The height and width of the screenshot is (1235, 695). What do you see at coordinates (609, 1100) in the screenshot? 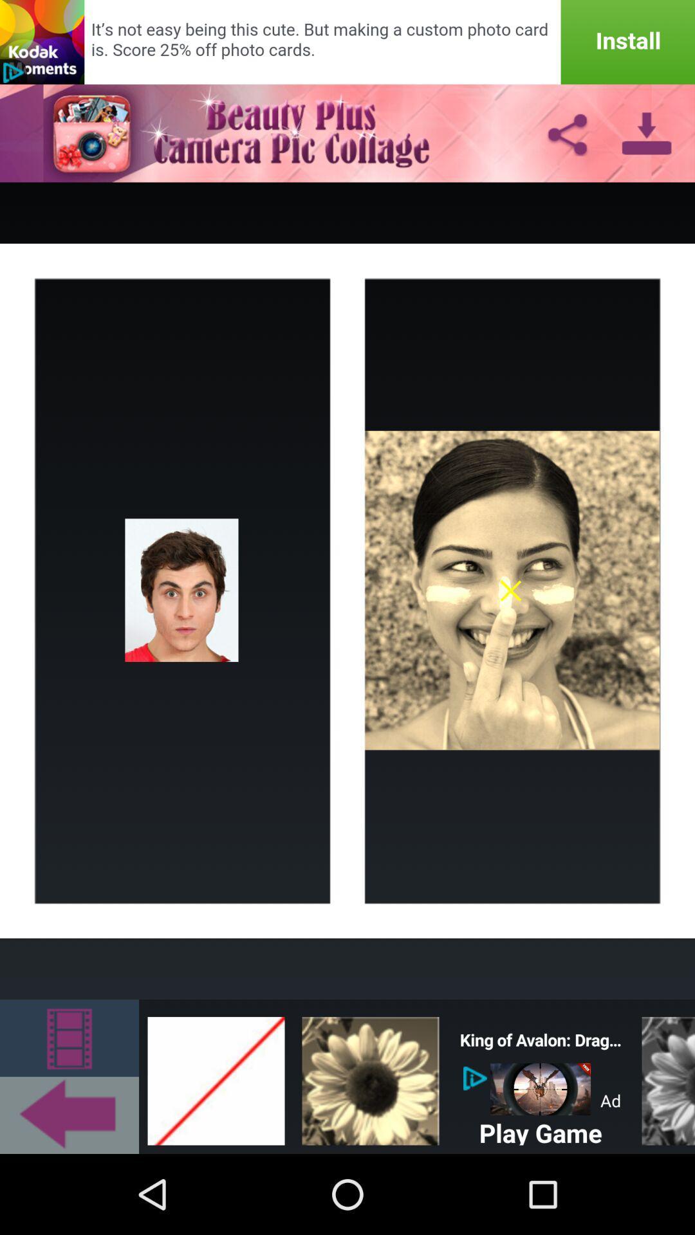
I see `the word which is slight top right side of the play game` at bounding box center [609, 1100].